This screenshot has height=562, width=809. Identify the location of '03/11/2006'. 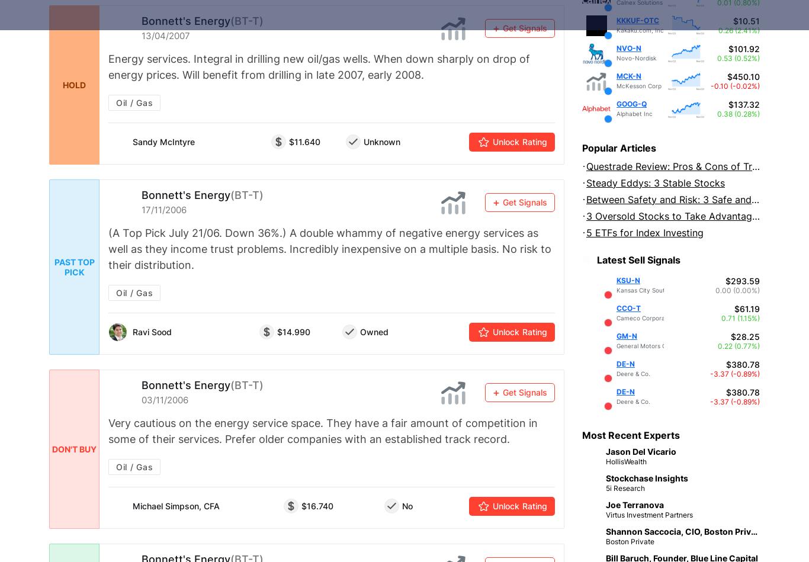
(142, 400).